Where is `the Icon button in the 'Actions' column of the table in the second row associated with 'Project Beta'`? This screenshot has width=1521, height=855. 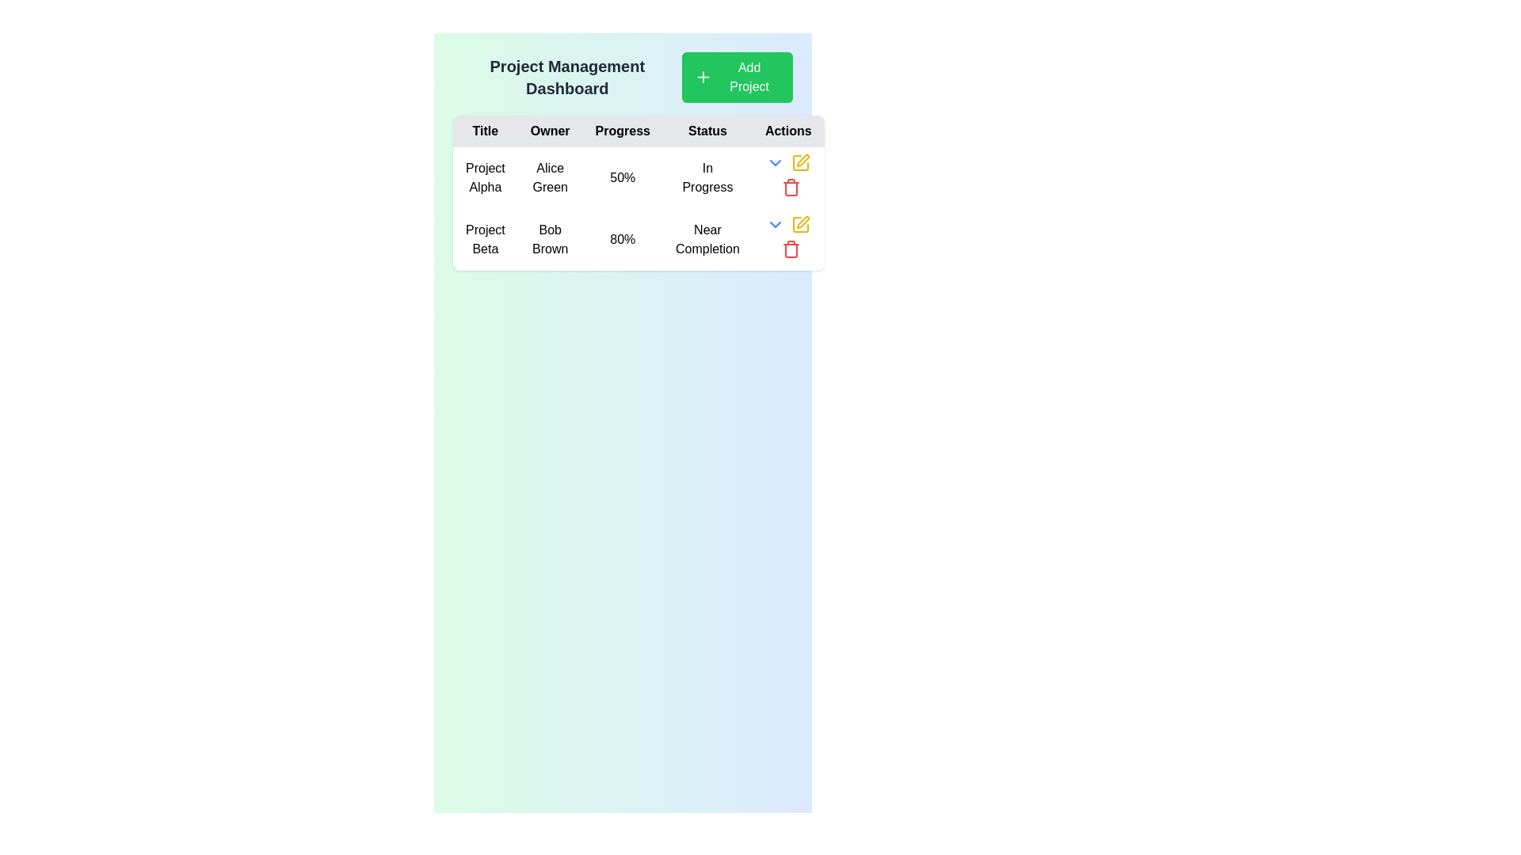 the Icon button in the 'Actions' column of the table in the second row associated with 'Project Beta' is located at coordinates (776, 225).